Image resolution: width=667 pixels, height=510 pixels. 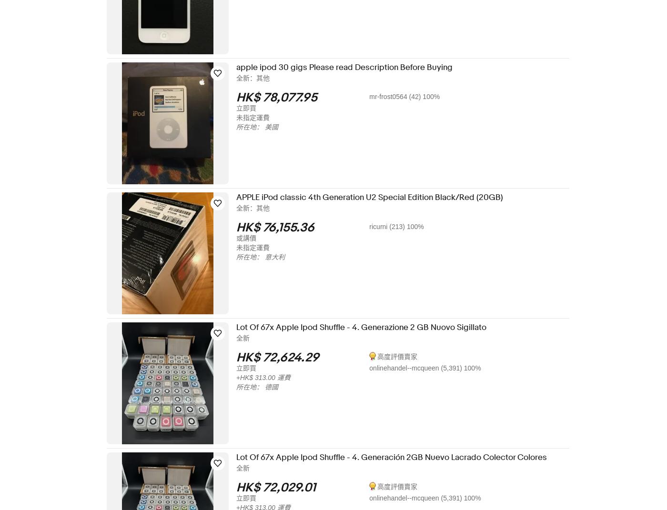 I want to click on '+HK$ 313.00 運費', so click(x=270, y=377).